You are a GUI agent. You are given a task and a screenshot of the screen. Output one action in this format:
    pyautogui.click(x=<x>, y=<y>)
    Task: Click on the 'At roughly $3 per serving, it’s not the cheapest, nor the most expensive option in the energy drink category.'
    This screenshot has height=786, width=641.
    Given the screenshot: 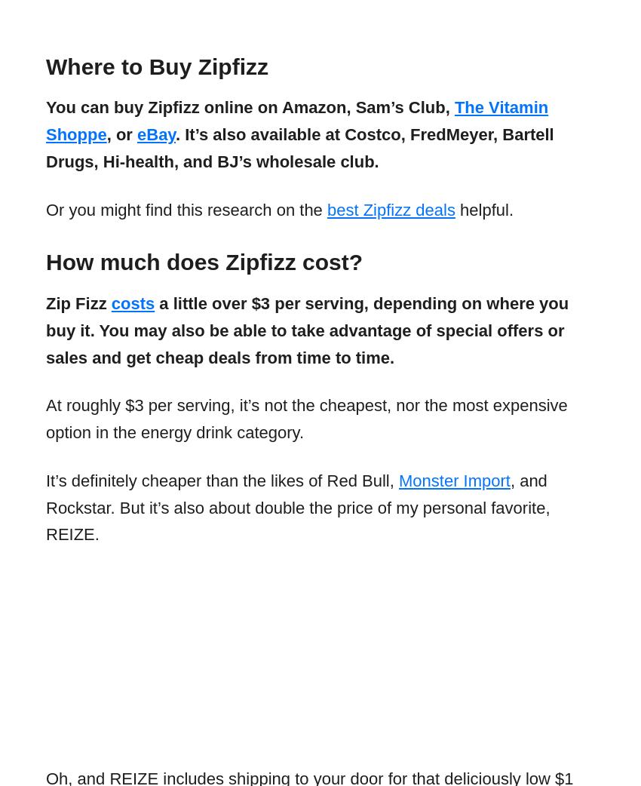 What is the action you would take?
    pyautogui.click(x=306, y=418)
    